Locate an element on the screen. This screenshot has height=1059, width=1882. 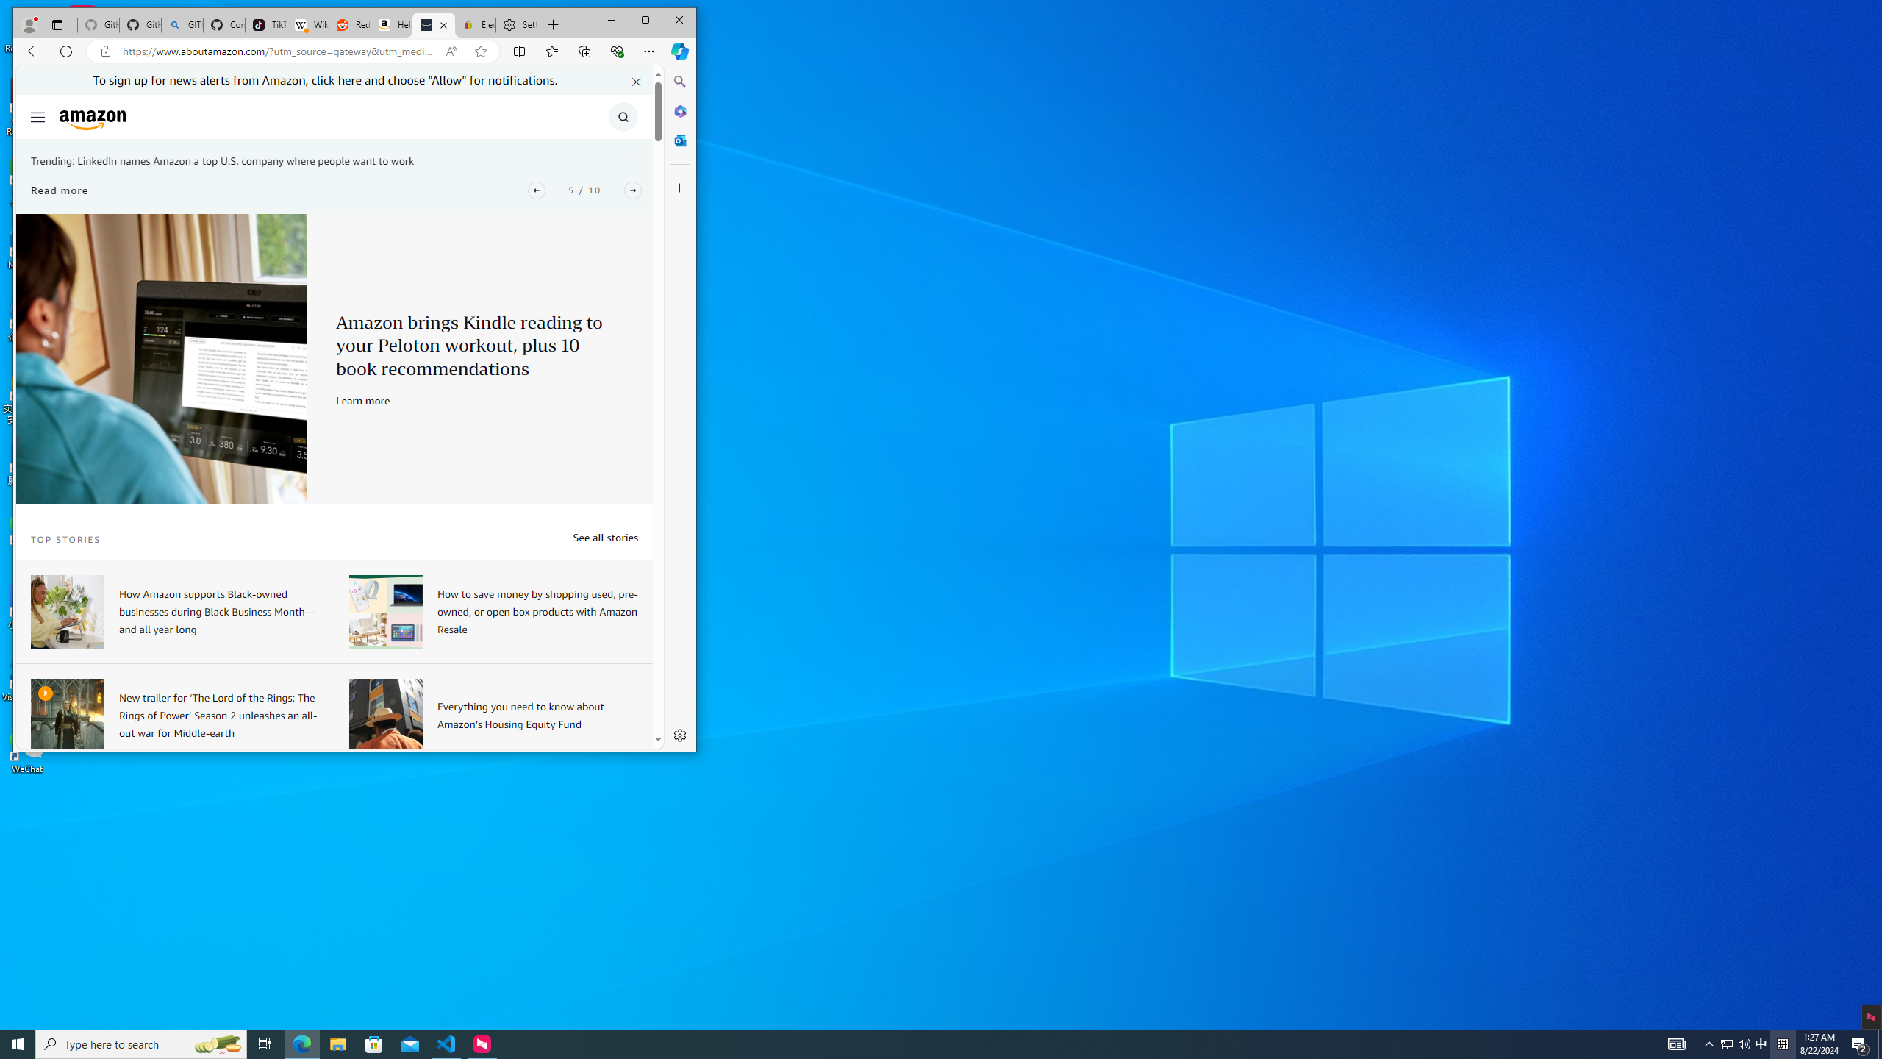
'Microsoft Store' is located at coordinates (374, 1043).